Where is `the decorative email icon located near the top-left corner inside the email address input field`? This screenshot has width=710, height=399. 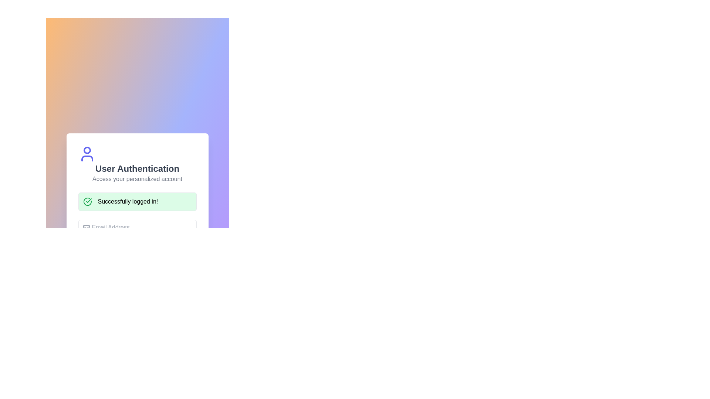 the decorative email icon located near the top-left corner inside the email address input field is located at coordinates (86, 227).